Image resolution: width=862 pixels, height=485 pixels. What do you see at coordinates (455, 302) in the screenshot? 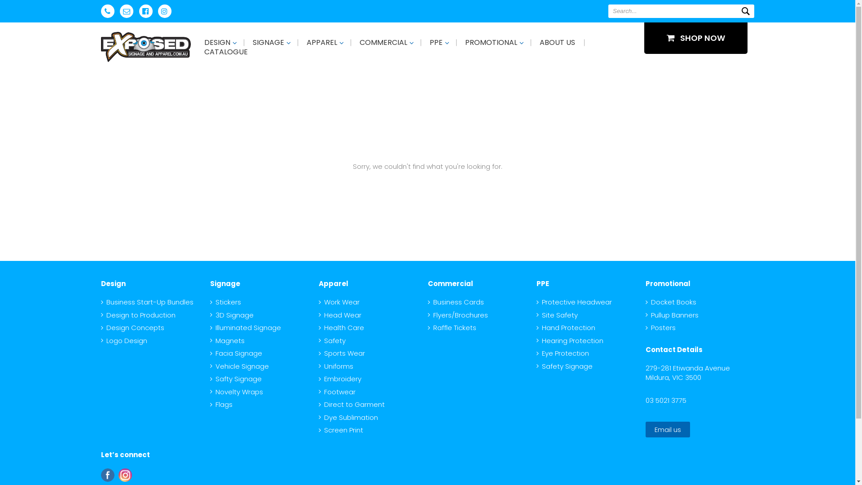
I see `'Business Cards'` at bounding box center [455, 302].